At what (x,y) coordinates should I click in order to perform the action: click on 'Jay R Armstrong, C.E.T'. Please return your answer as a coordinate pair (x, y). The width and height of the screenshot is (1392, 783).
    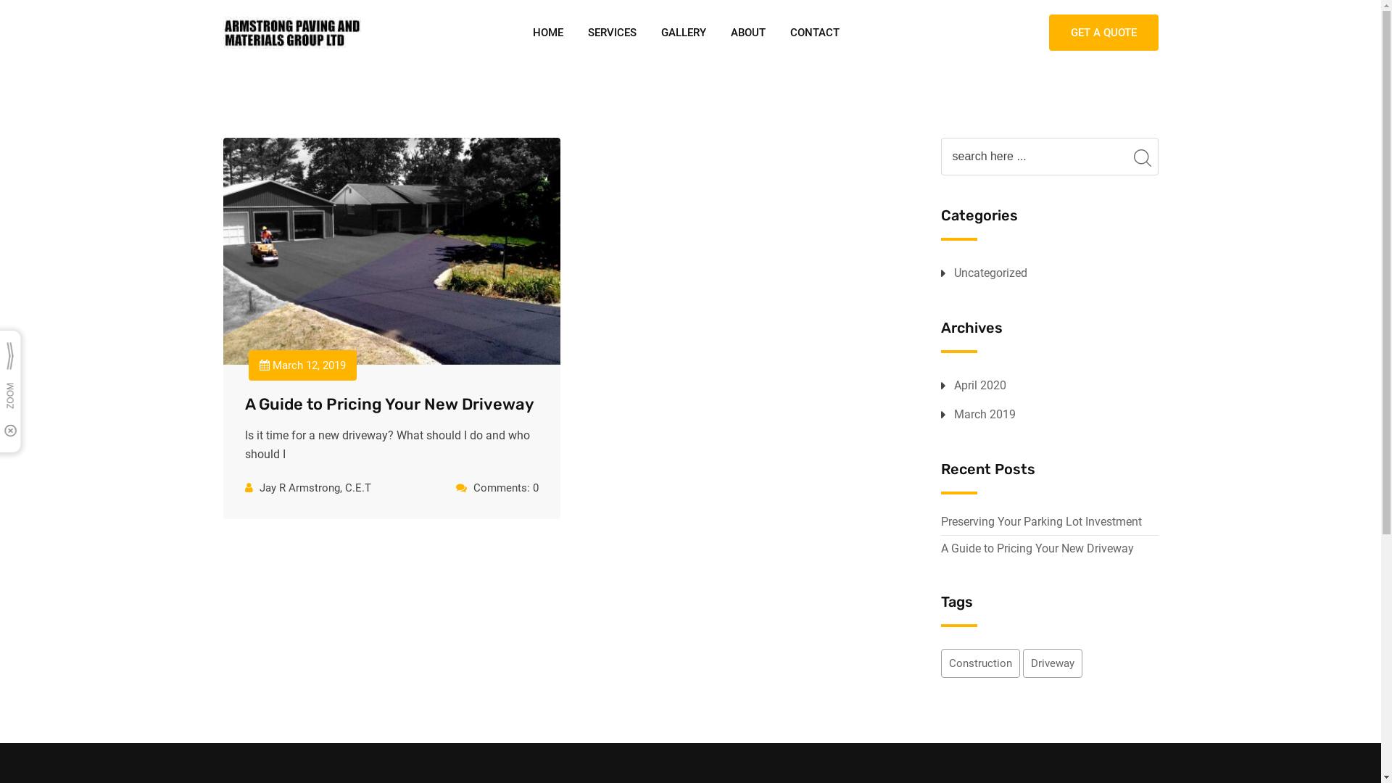
    Looking at the image, I should click on (315, 487).